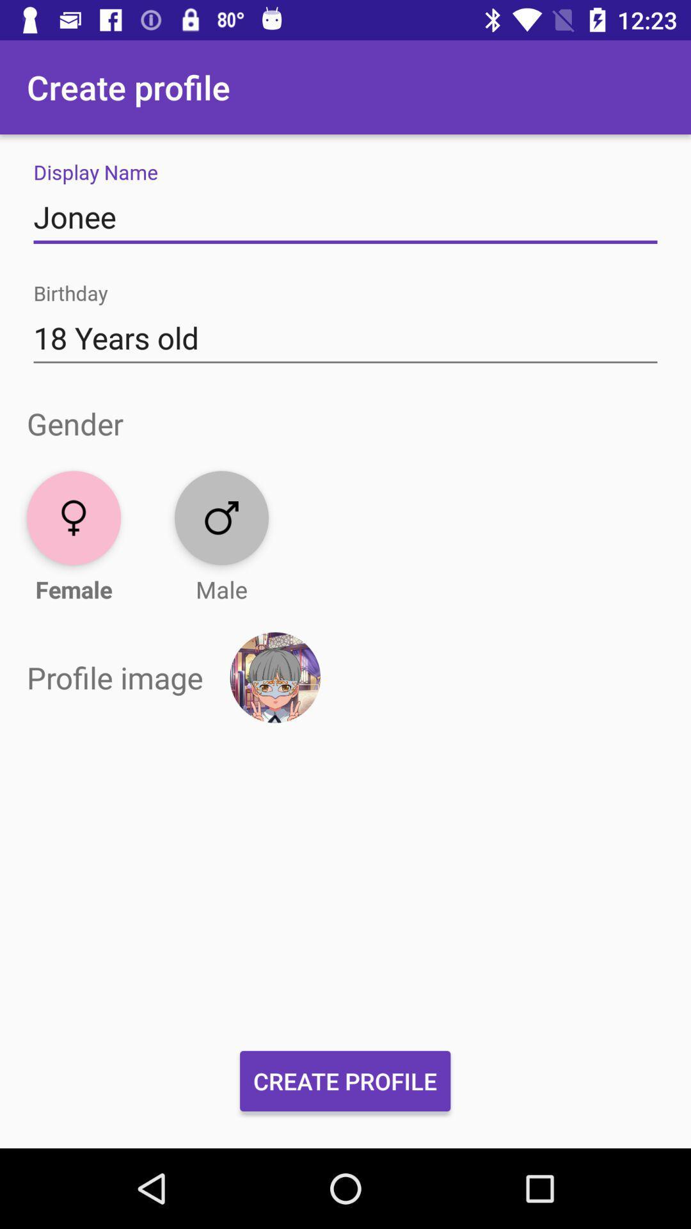 This screenshot has height=1229, width=691. Describe the element at coordinates (221, 518) in the screenshot. I see `the photo icon` at that location.